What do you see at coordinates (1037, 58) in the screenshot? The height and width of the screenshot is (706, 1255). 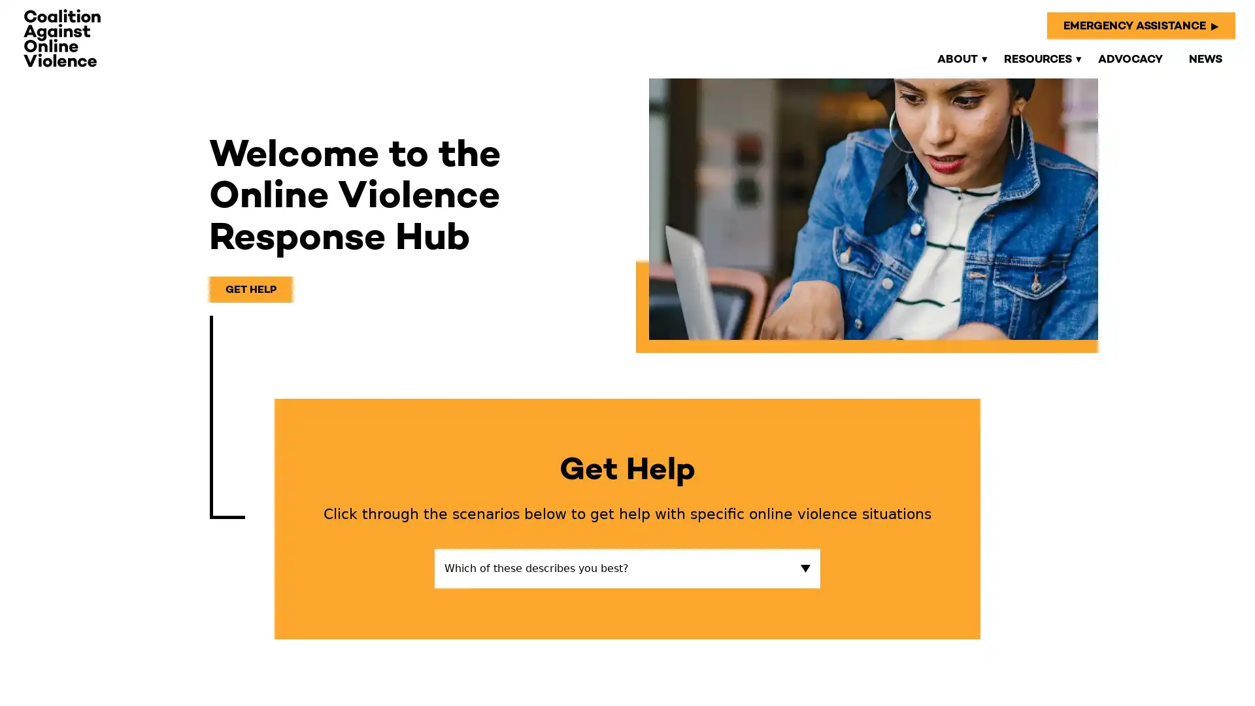 I see `RESOURCES` at bounding box center [1037, 58].